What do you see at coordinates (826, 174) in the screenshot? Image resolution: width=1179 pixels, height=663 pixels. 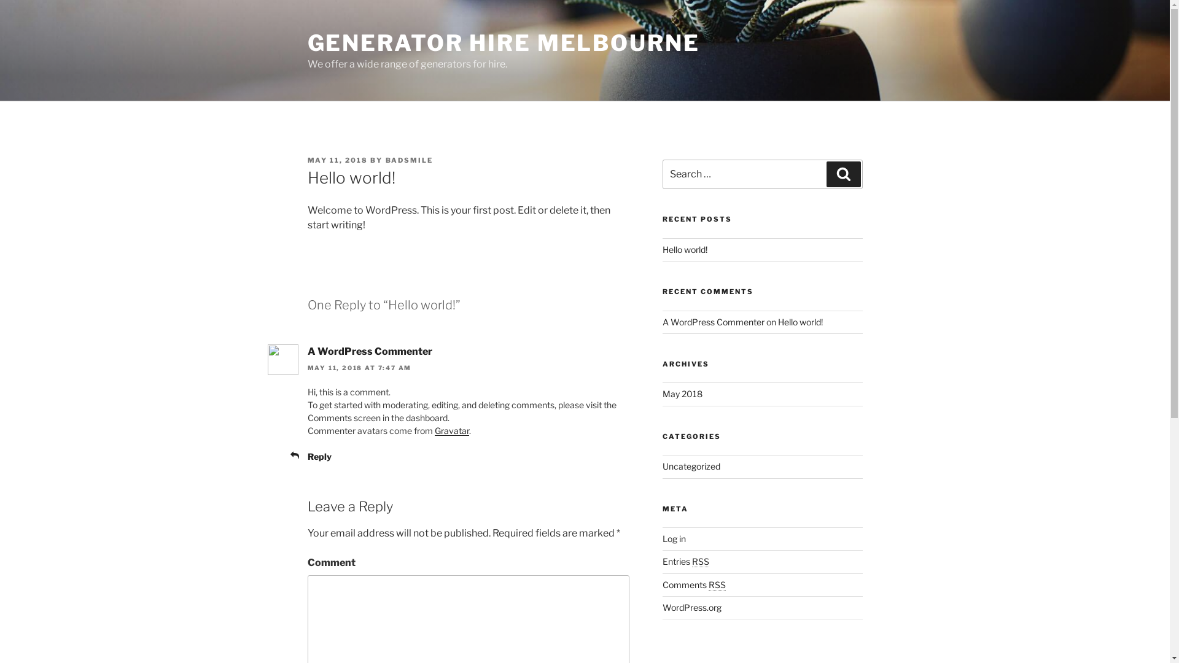 I see `'Search'` at bounding box center [826, 174].